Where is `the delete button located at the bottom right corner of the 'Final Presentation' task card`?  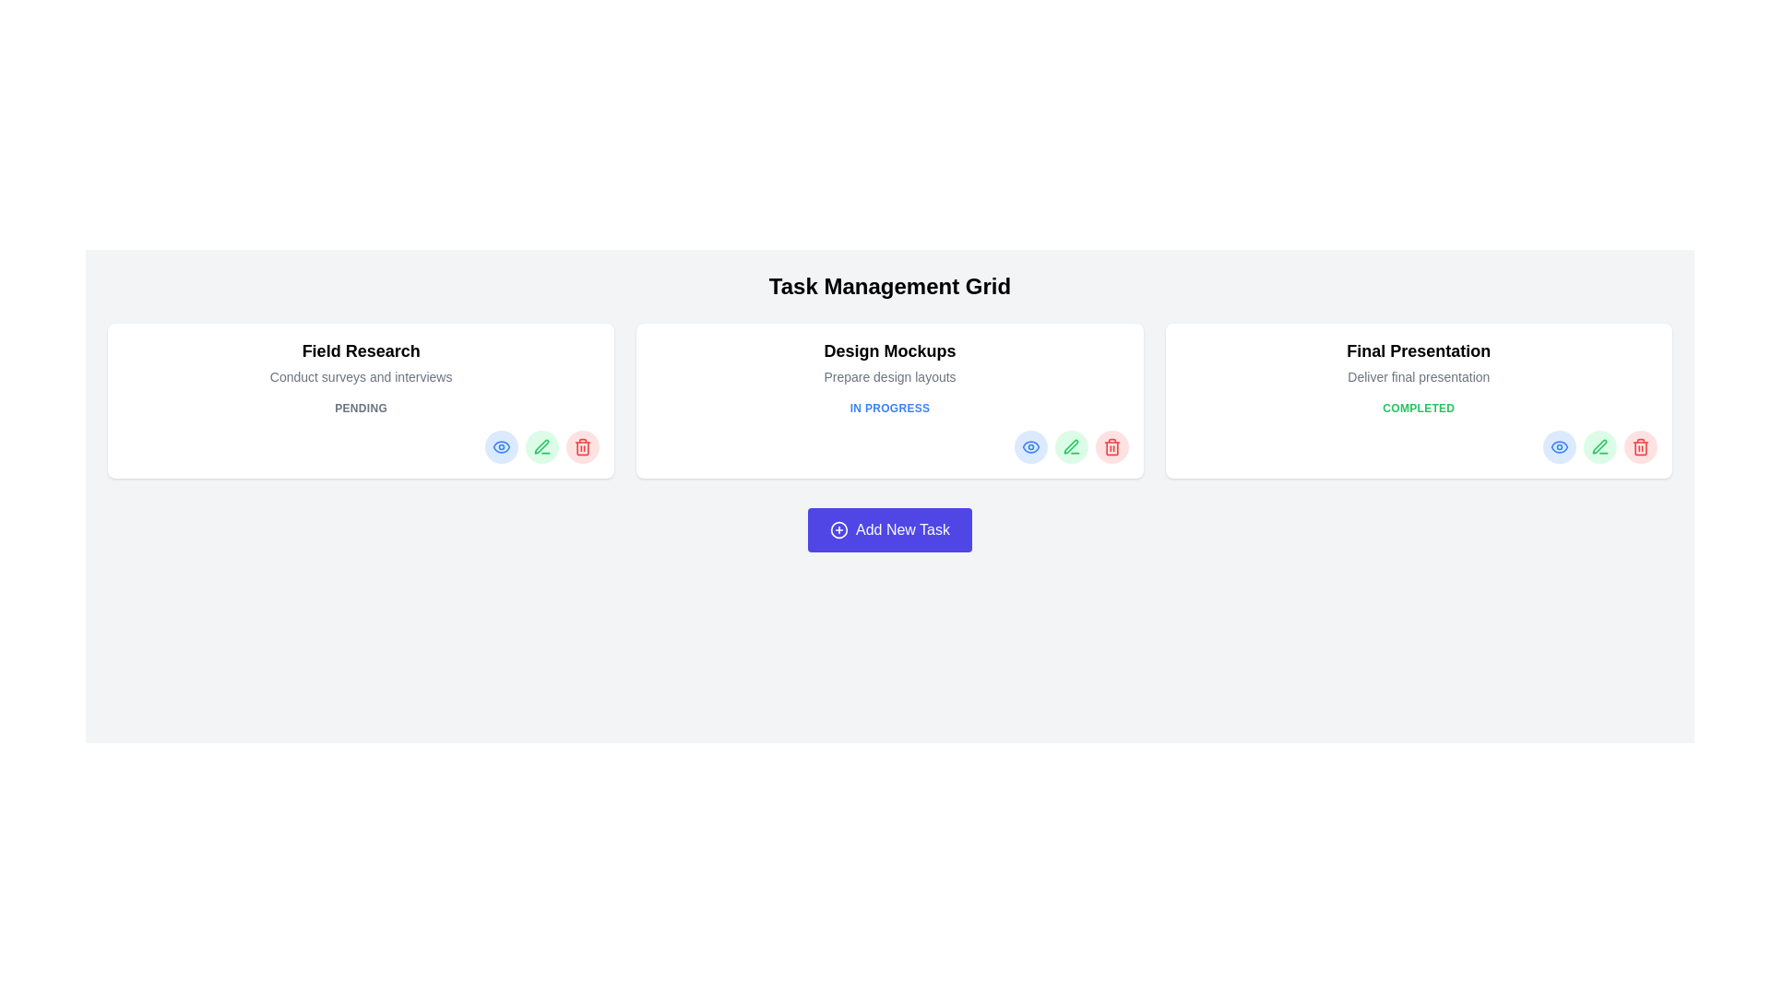 the delete button located at the bottom right corner of the 'Final Presentation' task card is located at coordinates (1641, 447).